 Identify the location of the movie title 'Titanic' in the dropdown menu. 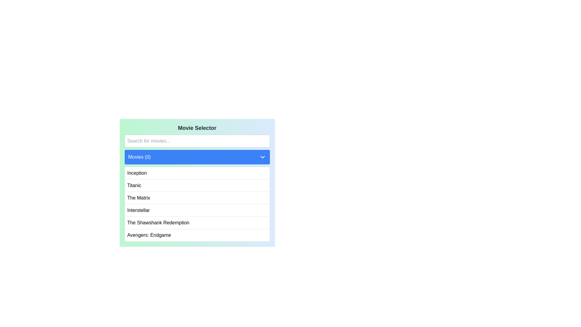
(197, 182).